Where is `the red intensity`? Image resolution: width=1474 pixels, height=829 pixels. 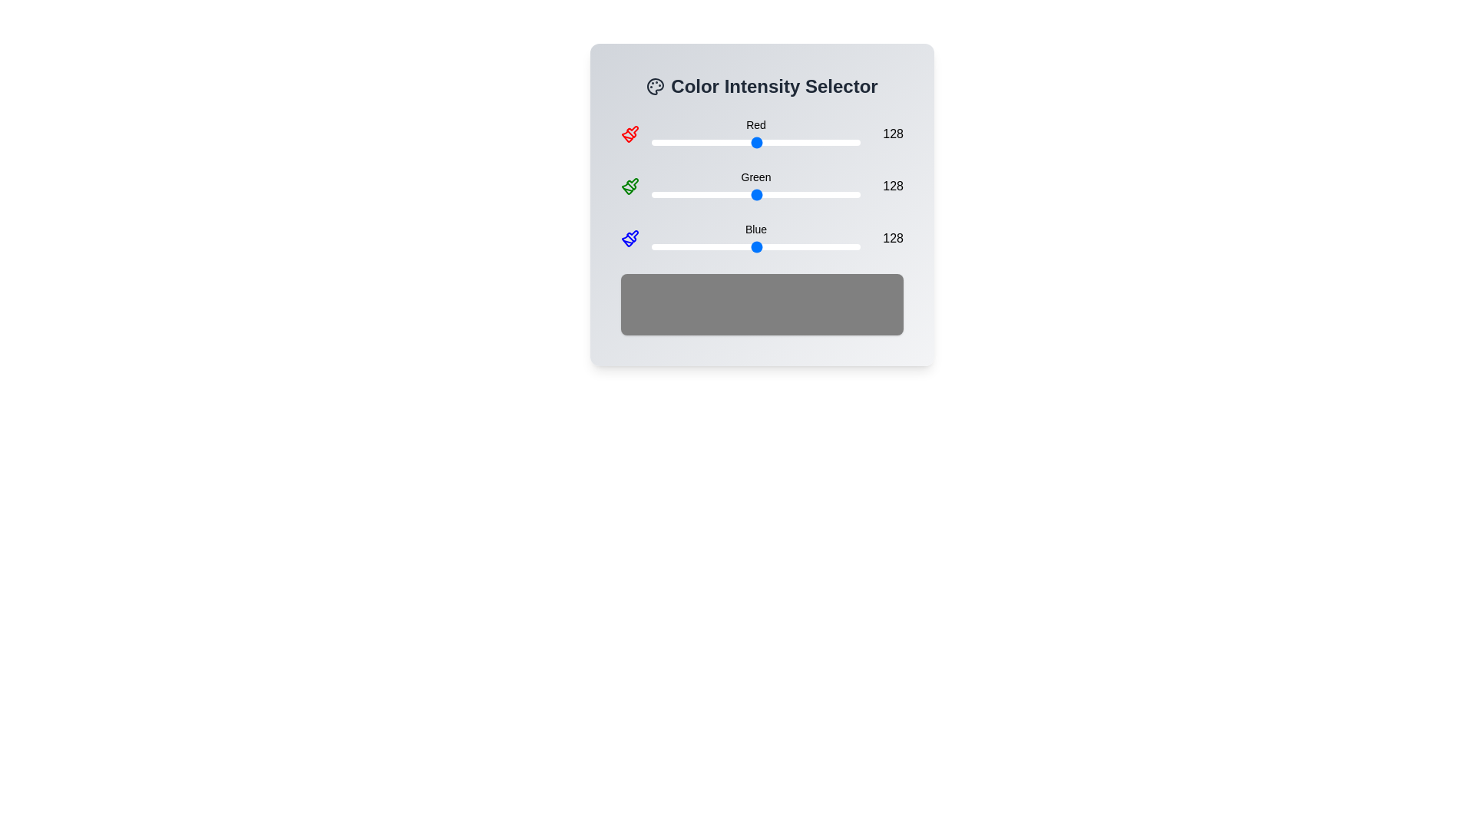
the red intensity is located at coordinates (857, 142).